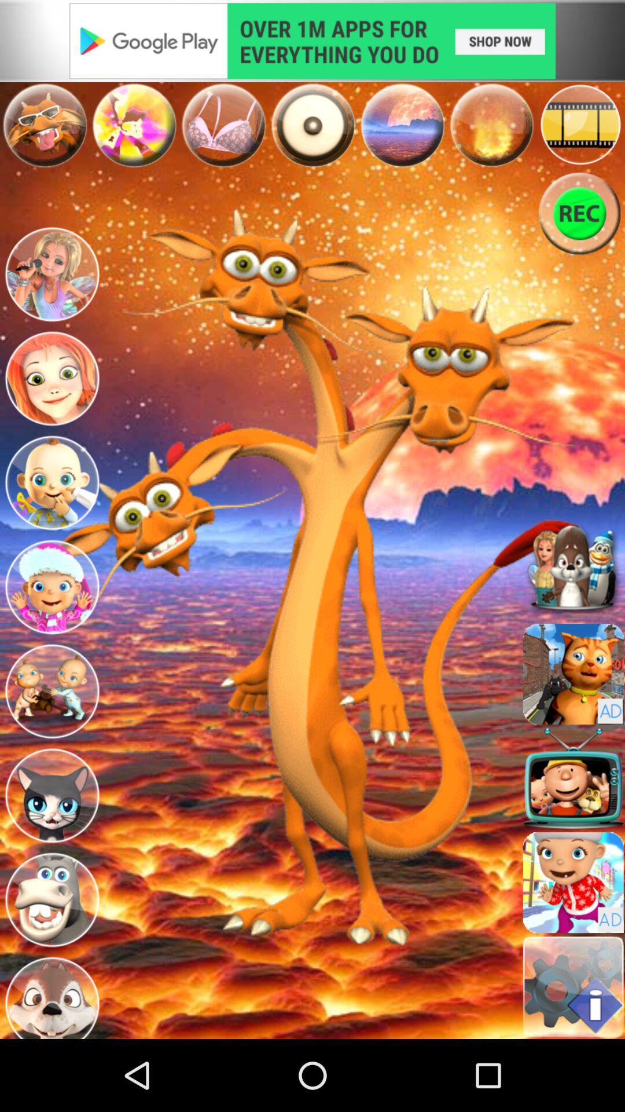 Image resolution: width=625 pixels, height=1112 pixels. Describe the element at coordinates (312, 41) in the screenshot. I see `advertisement bar` at that location.